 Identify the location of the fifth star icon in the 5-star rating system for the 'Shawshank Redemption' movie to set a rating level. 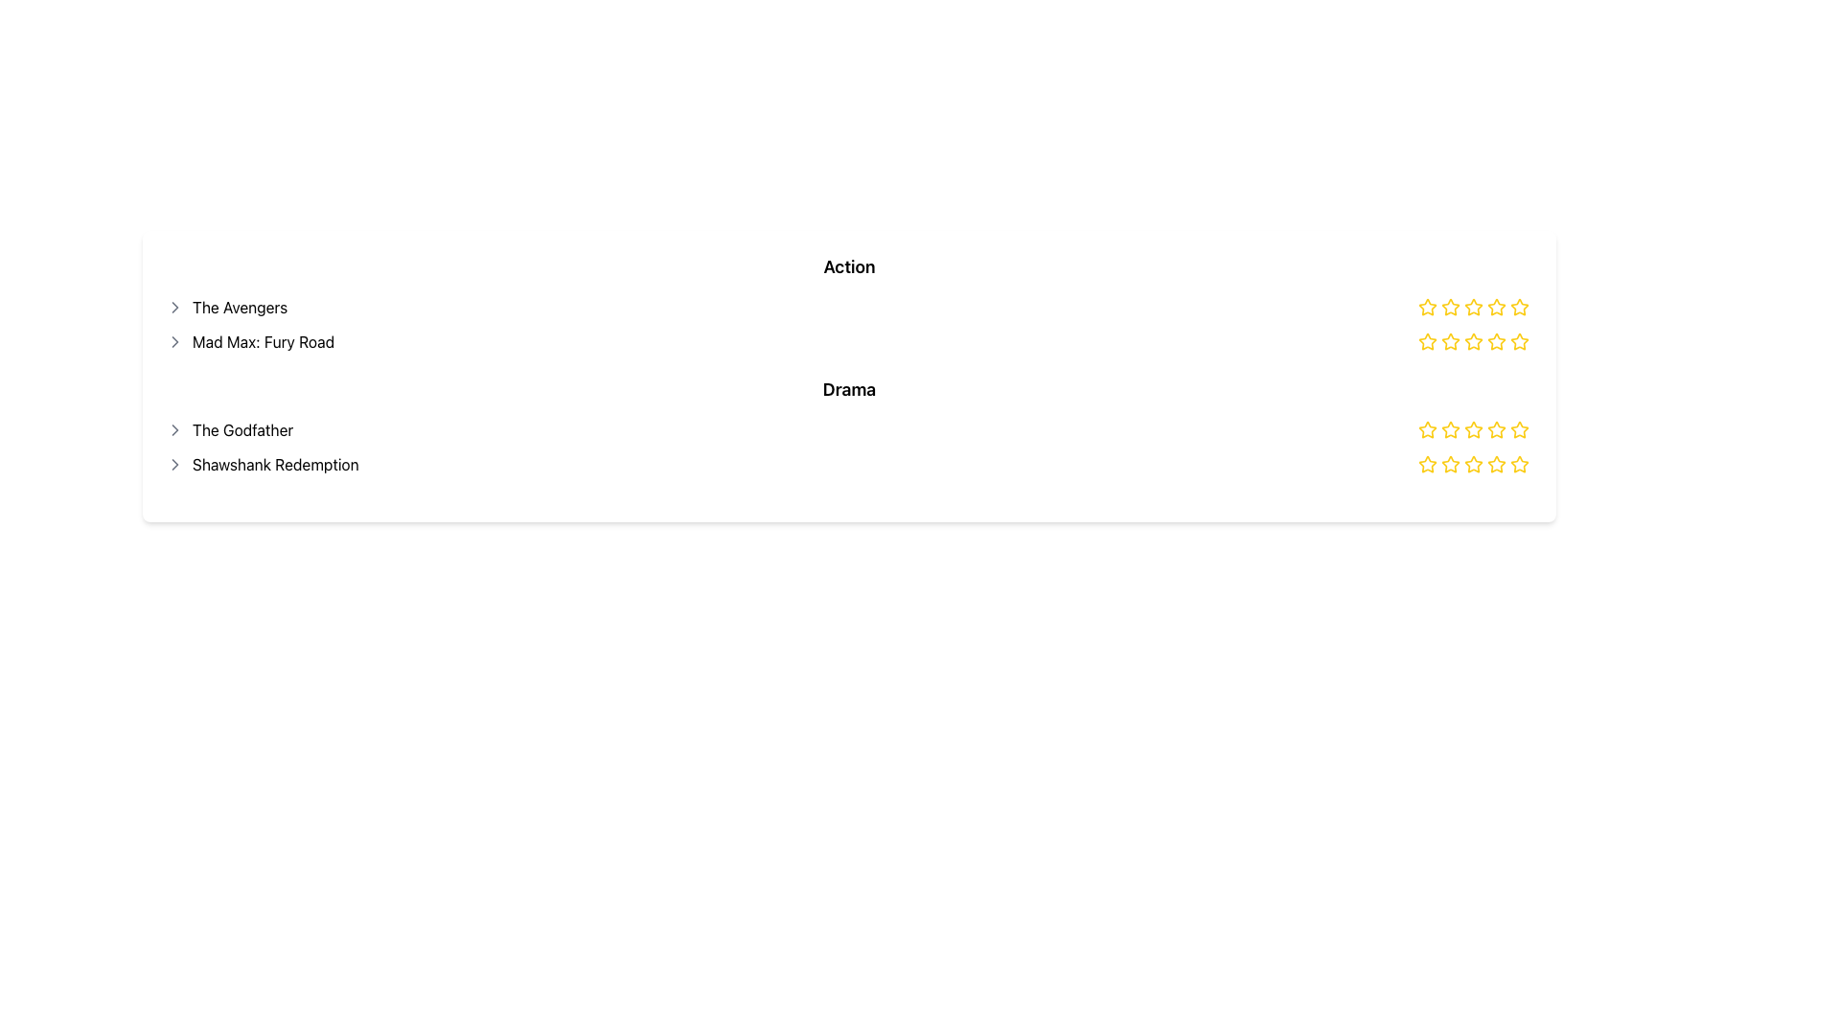
(1518, 428).